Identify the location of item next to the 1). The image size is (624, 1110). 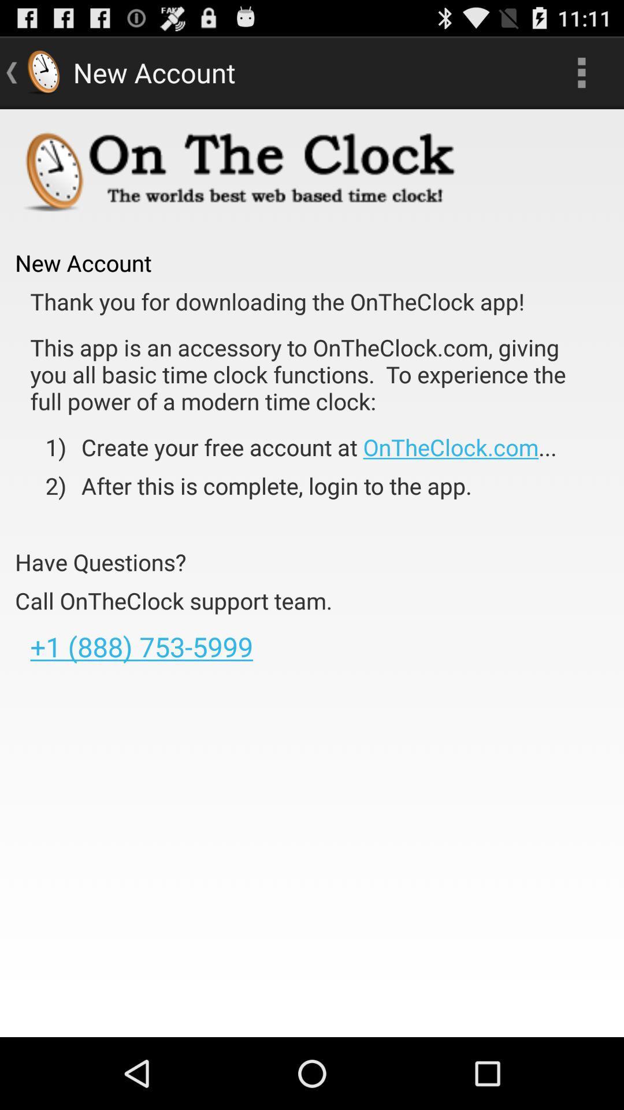
(311, 446).